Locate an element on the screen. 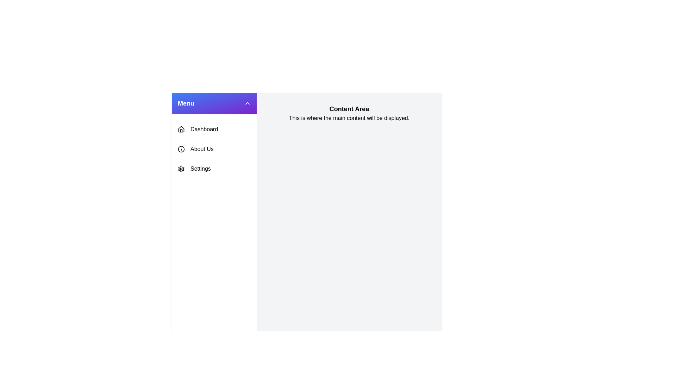 This screenshot has height=380, width=676. the menu item About Us from the sidebar is located at coordinates (214, 149).